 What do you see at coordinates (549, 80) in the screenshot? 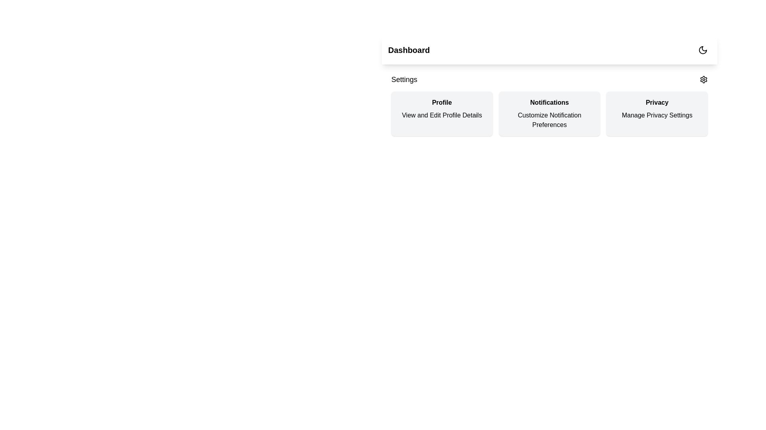
I see `Title bar located beneath the 'Dashboard' header, which indicates the settings or configuration options available below it` at bounding box center [549, 80].